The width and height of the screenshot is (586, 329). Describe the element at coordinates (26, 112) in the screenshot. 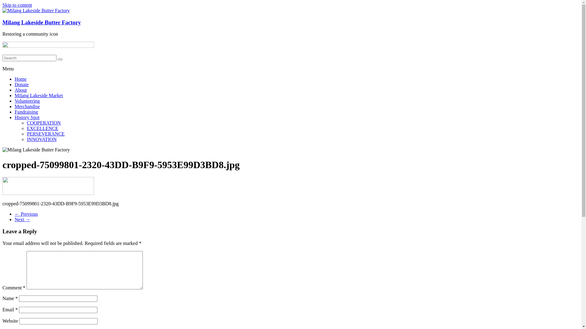

I see `'Fundraising'` at that location.